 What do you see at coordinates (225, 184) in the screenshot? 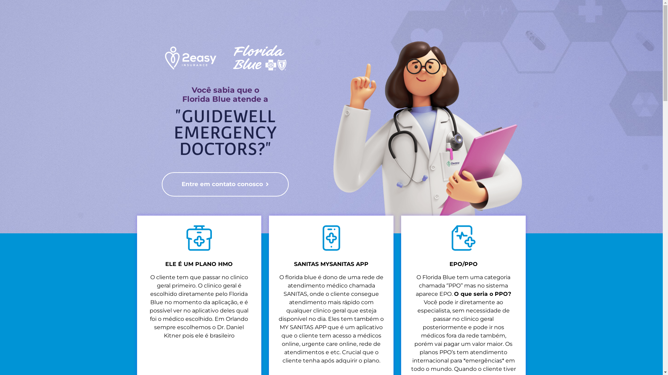
I see `'Entre em contato conosco'` at bounding box center [225, 184].